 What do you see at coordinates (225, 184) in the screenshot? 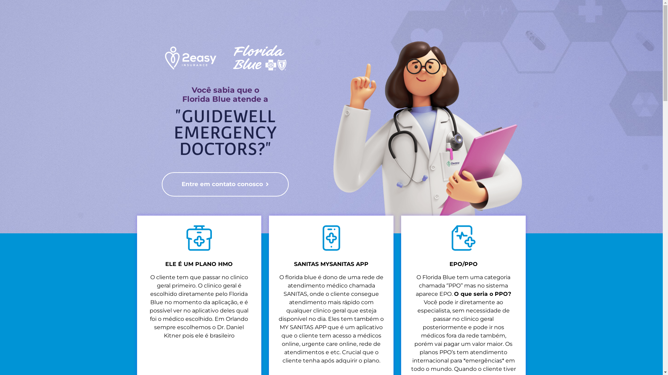
I see `'Entre em contato conosco'` at bounding box center [225, 184].